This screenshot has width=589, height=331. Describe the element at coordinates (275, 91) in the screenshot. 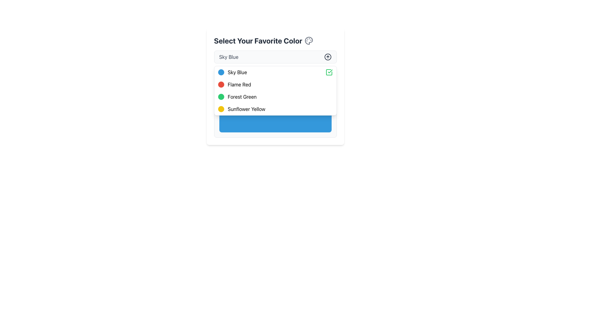

I see `the dropdown menu option` at that location.